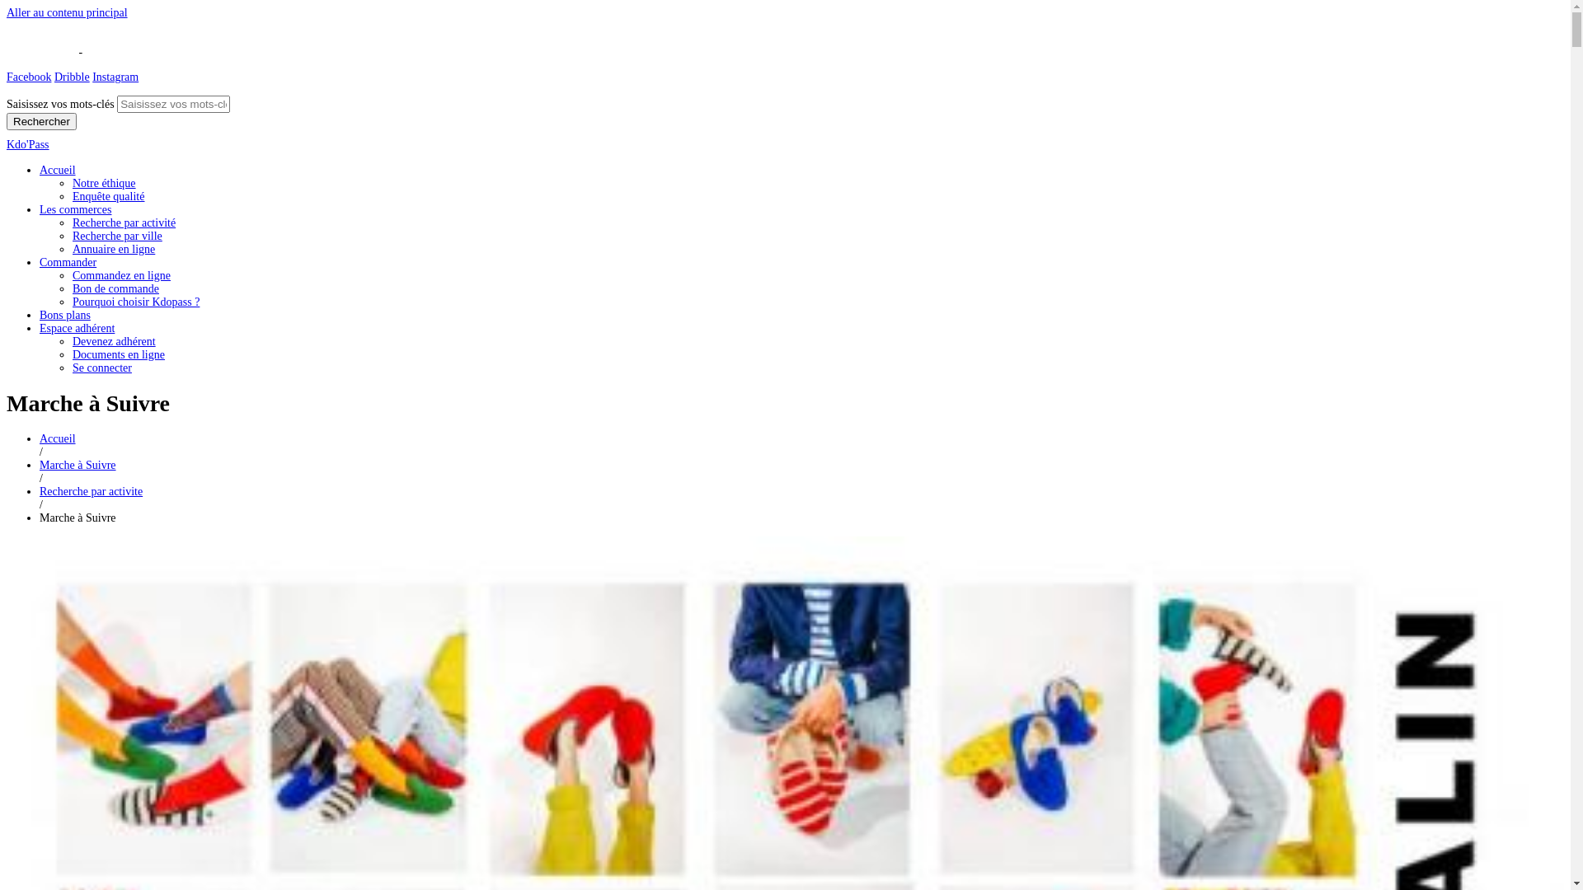 Image resolution: width=1583 pixels, height=890 pixels. Describe the element at coordinates (111, 51) in the screenshot. I see `'CONTACT'` at that location.